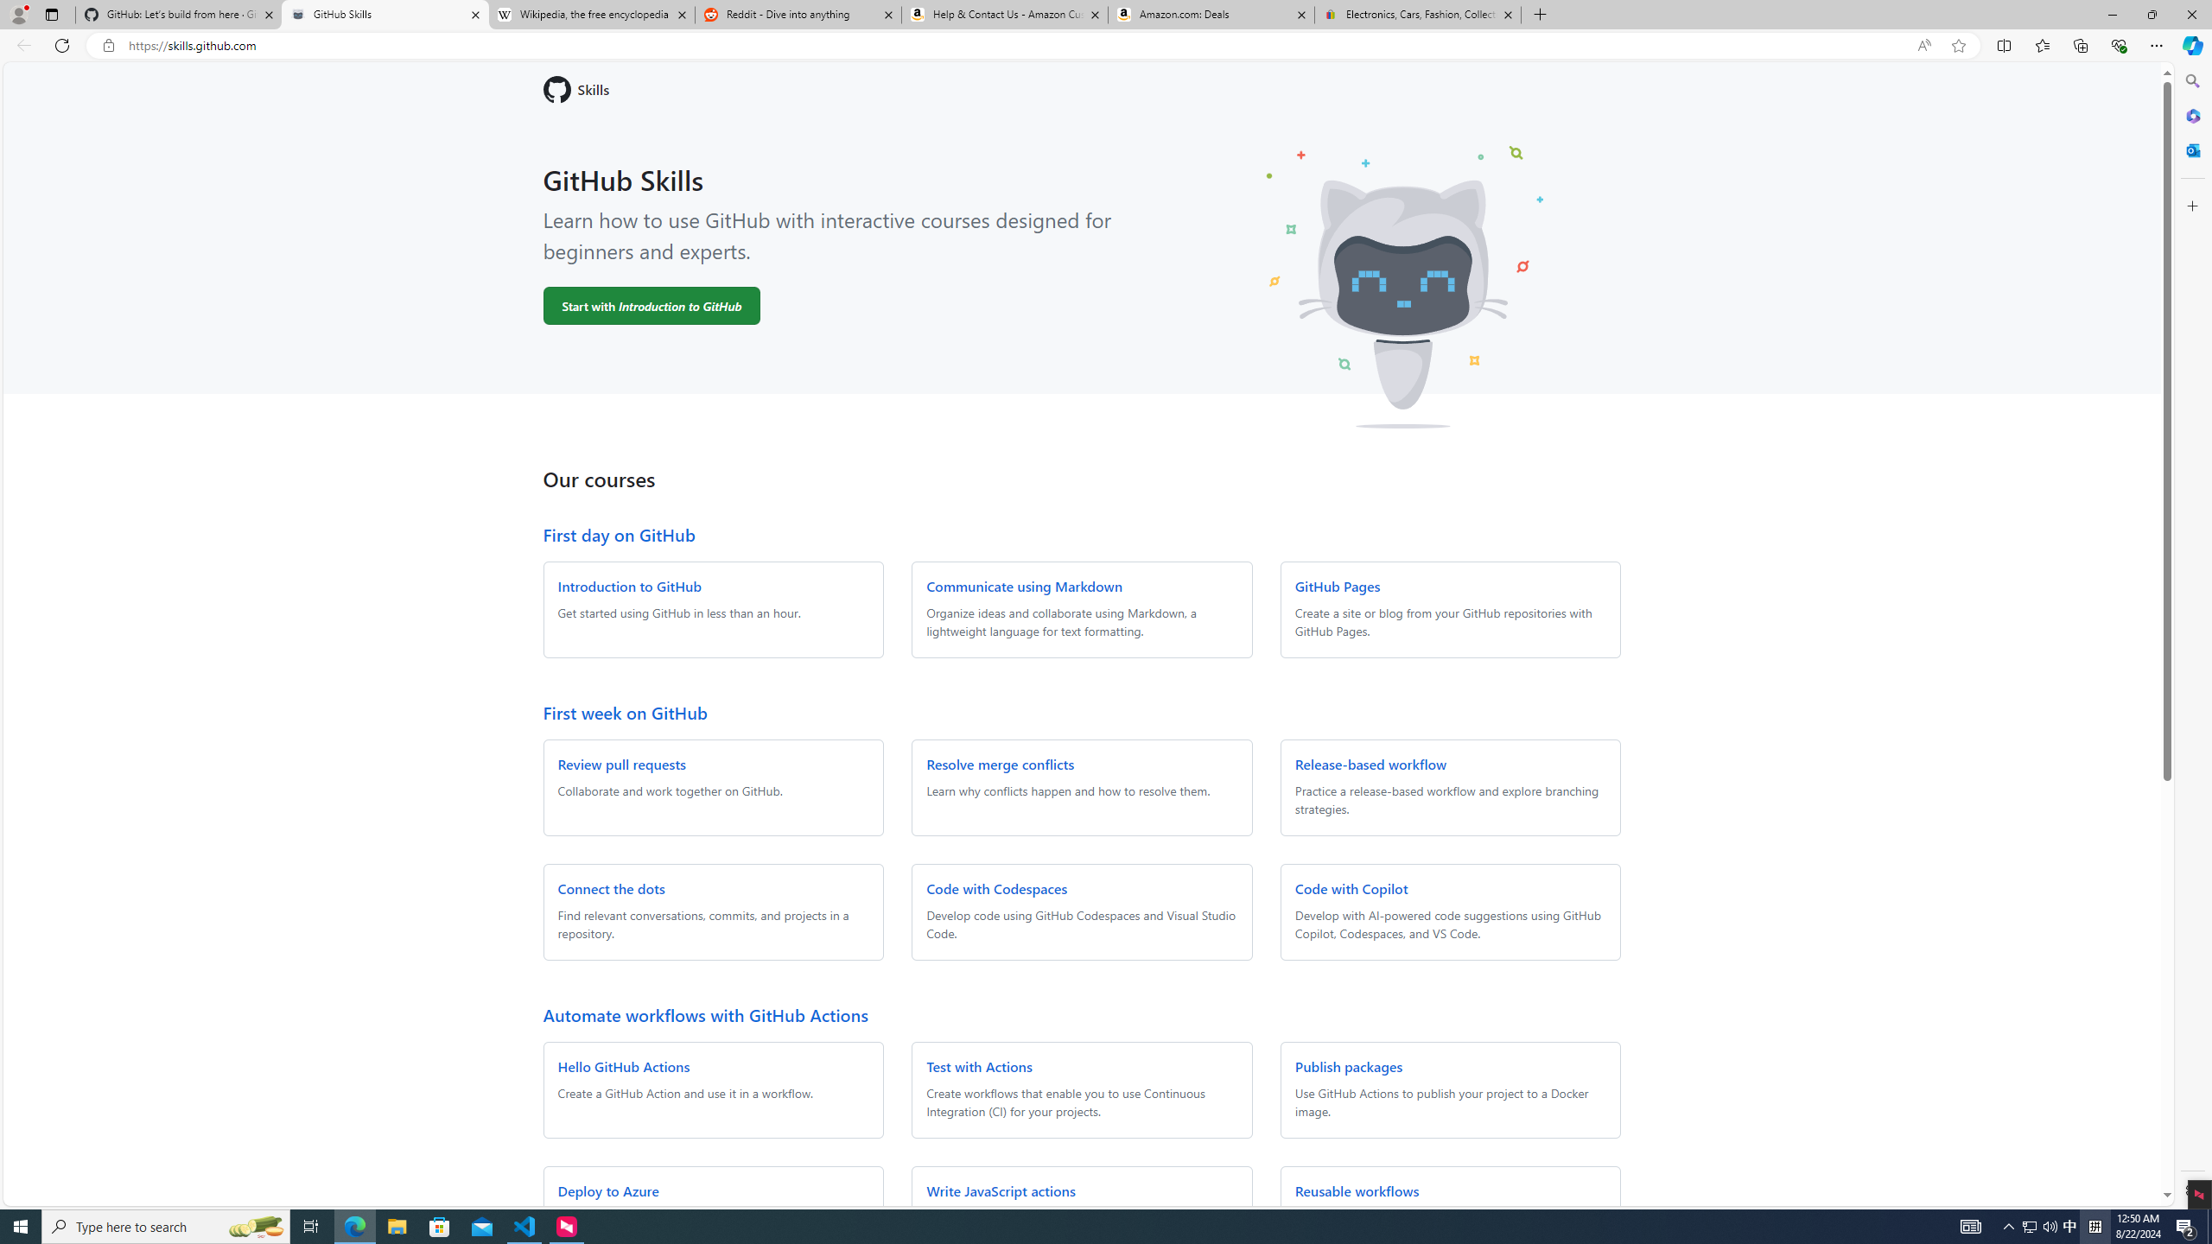 The width and height of the screenshot is (2212, 1244). I want to click on 'Reusable workflows', so click(1356, 1190).